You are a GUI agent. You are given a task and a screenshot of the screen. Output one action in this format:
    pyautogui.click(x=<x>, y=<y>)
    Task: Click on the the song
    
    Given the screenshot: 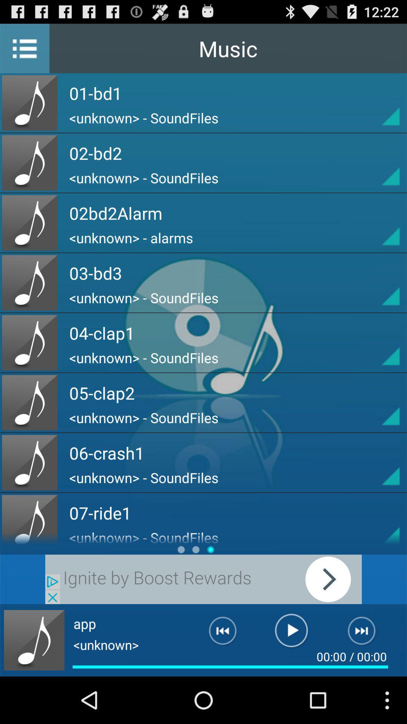 What is the action you would take?
    pyautogui.click(x=291, y=633)
    